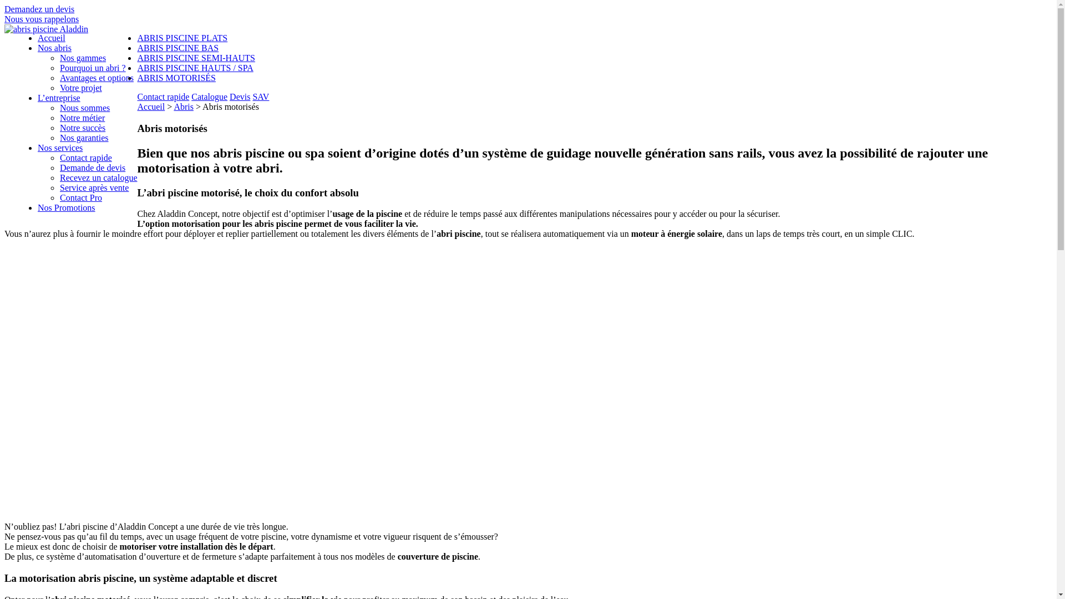  Describe the element at coordinates (162, 96) in the screenshot. I see `'Contact rapide'` at that location.